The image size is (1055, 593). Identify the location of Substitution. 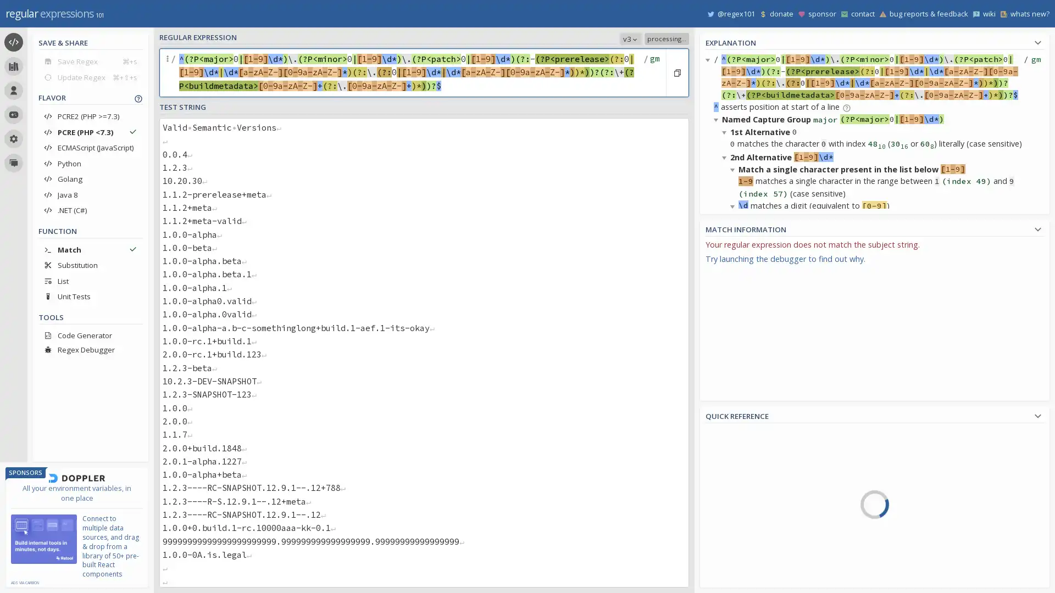
(90, 265).